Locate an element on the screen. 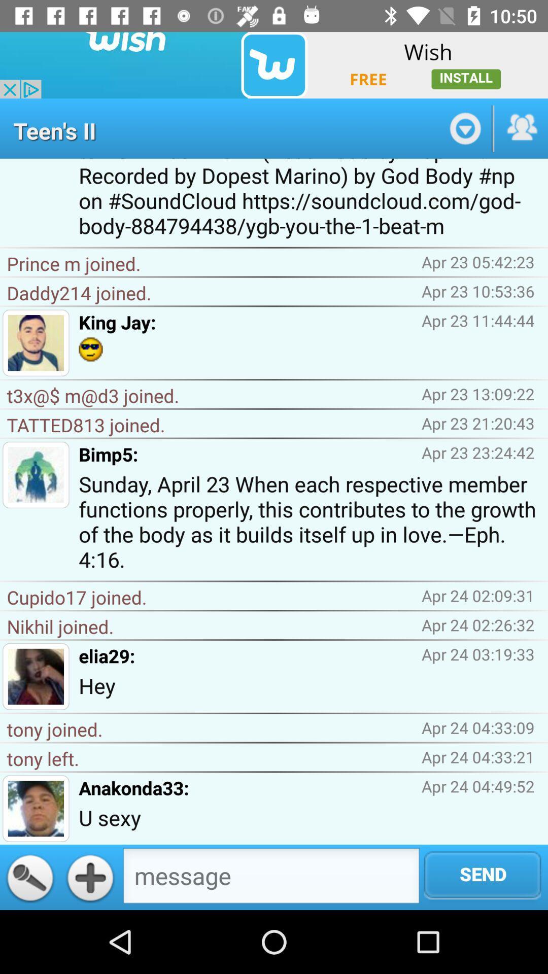  share is located at coordinates (521, 128).